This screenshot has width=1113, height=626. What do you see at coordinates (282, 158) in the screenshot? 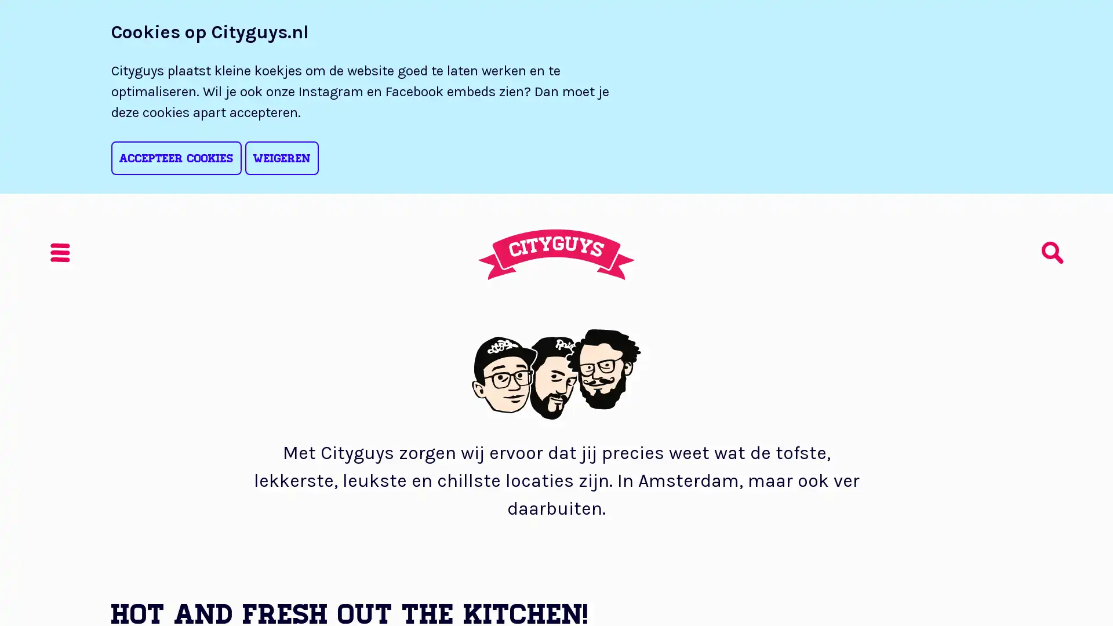
I see `Weigeren` at bounding box center [282, 158].